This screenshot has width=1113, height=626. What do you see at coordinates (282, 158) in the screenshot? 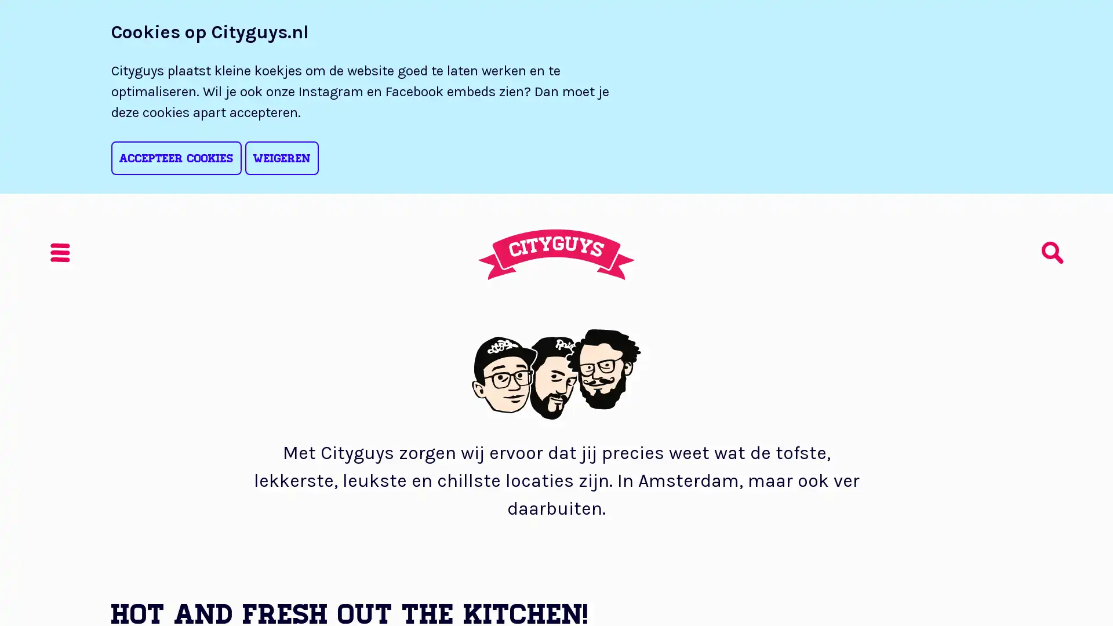
I see `Weigeren` at bounding box center [282, 158].